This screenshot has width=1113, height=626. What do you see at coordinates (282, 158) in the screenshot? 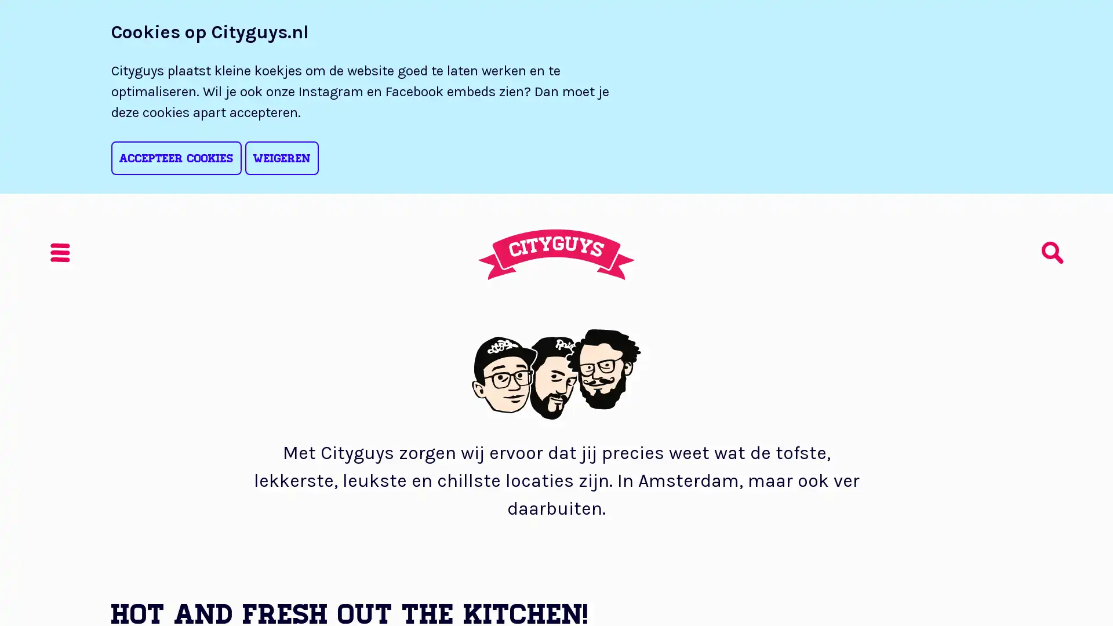
I see `Weigeren` at bounding box center [282, 158].